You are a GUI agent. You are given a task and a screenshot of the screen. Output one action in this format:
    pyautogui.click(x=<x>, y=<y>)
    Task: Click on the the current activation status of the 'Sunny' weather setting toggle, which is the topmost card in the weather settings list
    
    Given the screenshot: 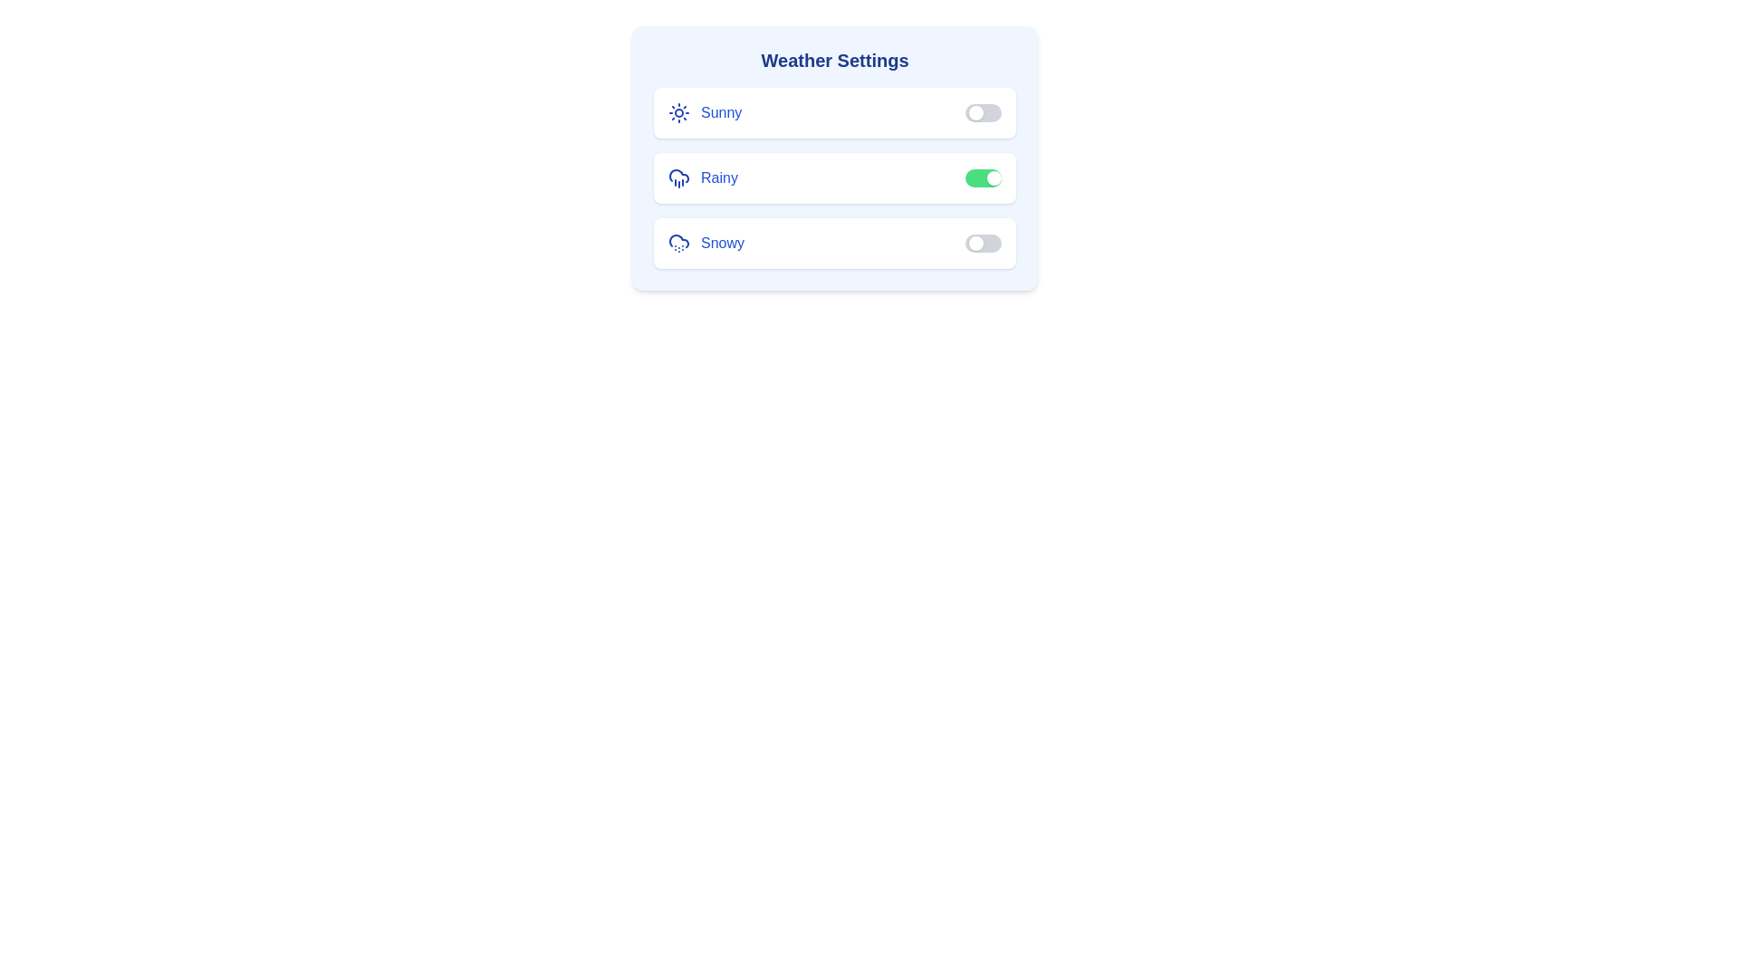 What is the action you would take?
    pyautogui.click(x=833, y=112)
    